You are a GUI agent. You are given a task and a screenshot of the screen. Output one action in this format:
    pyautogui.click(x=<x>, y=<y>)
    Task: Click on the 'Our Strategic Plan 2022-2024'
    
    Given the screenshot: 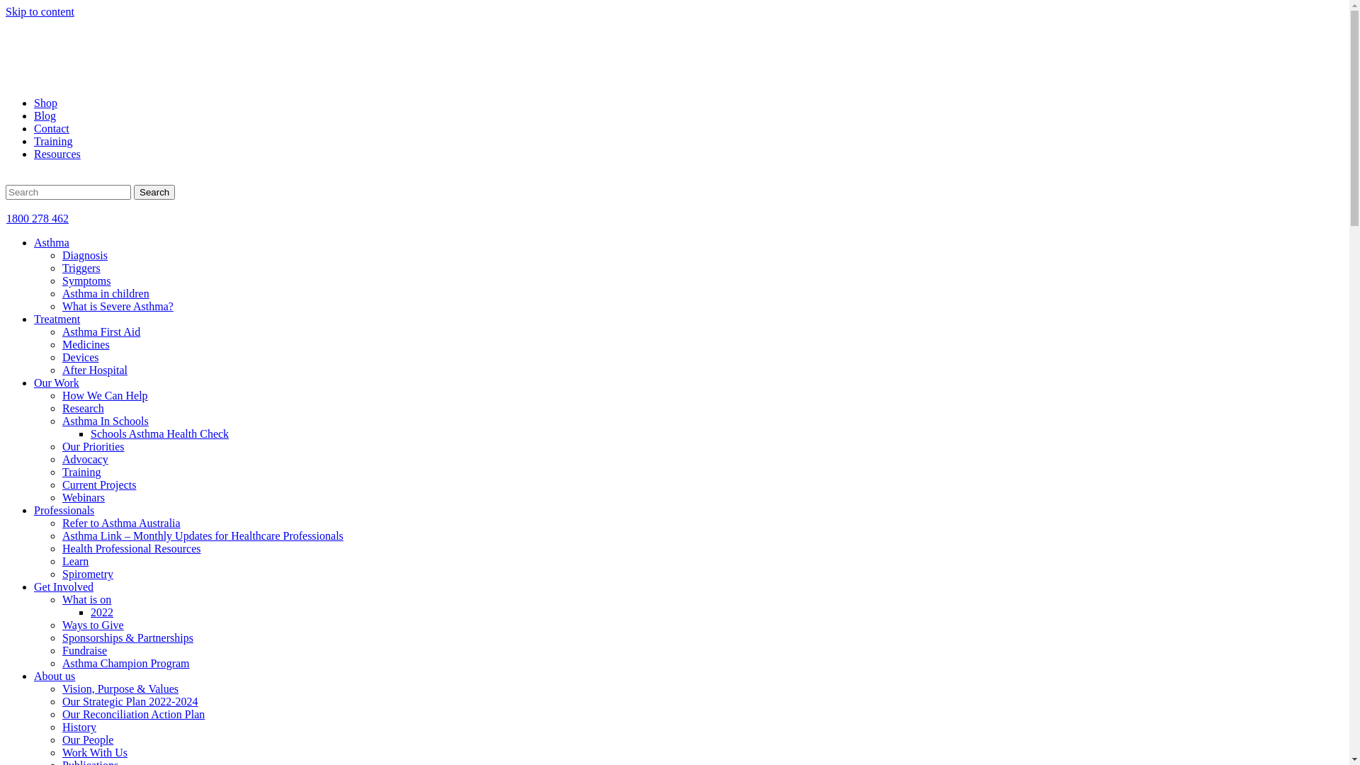 What is the action you would take?
    pyautogui.click(x=130, y=701)
    